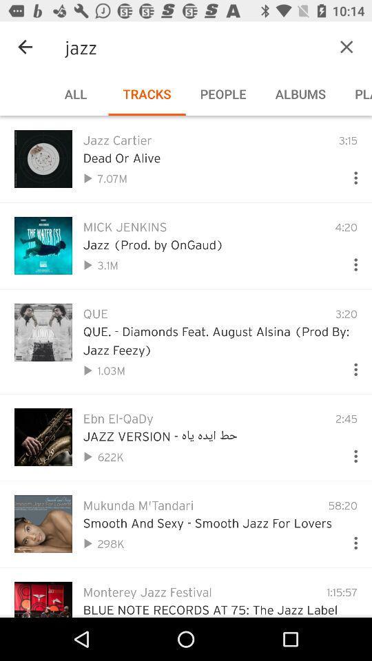 The width and height of the screenshot is (372, 661). What do you see at coordinates (350, 174) in the screenshot?
I see `open song options` at bounding box center [350, 174].